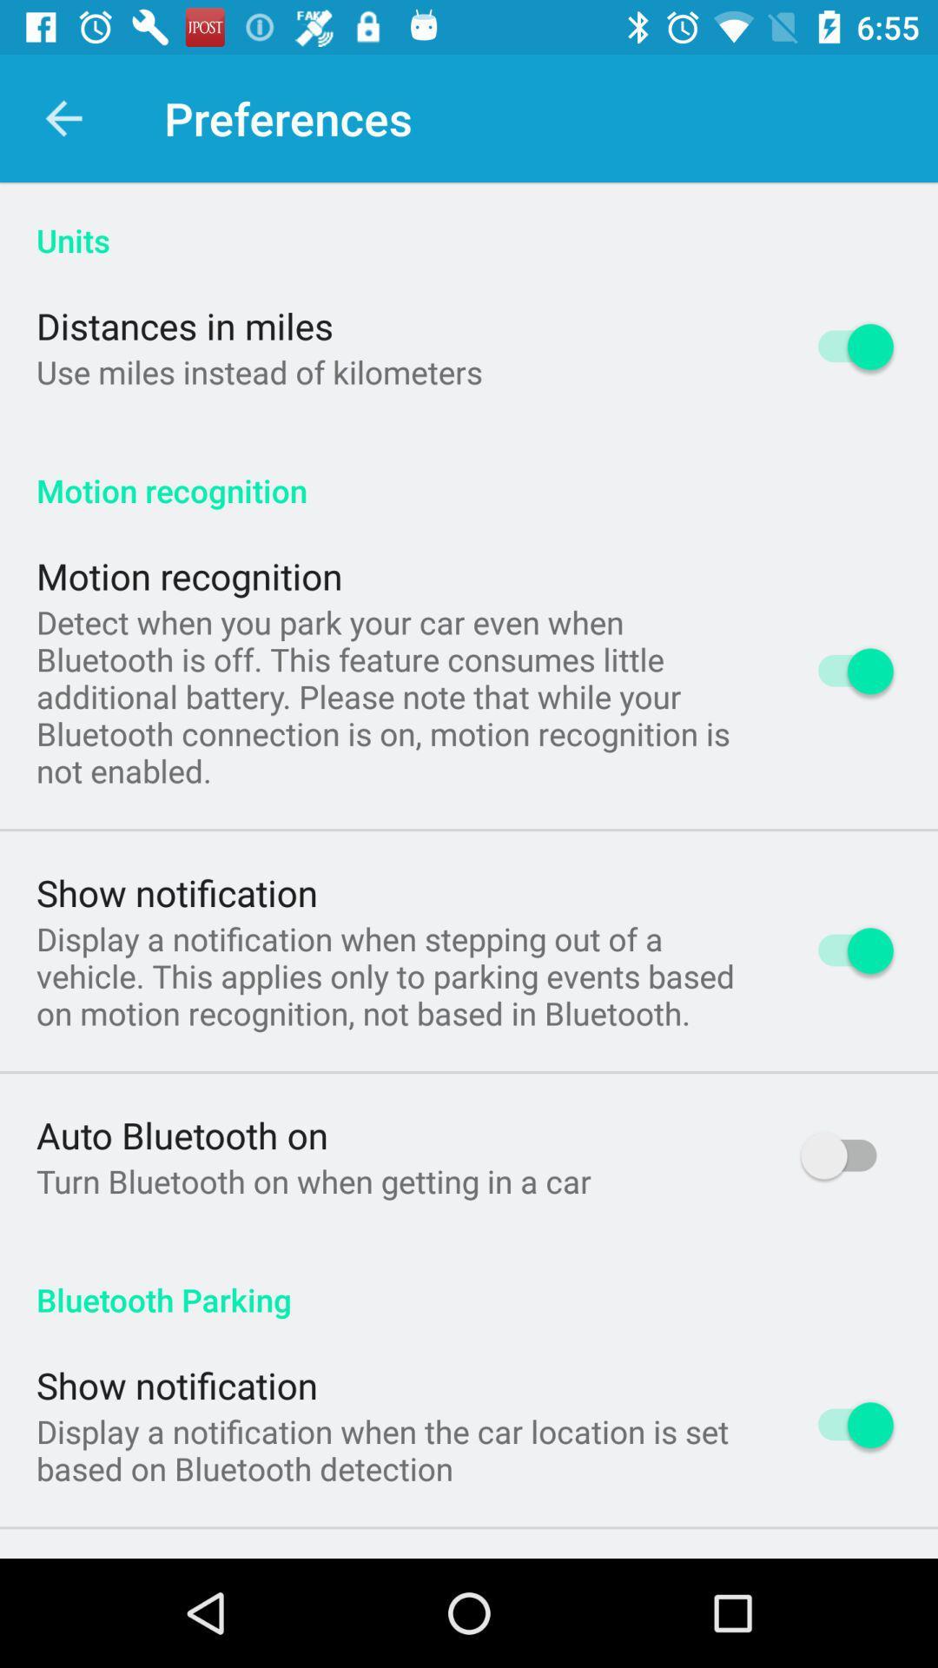 This screenshot has height=1668, width=938. What do you see at coordinates (63, 117) in the screenshot?
I see `the item next to preferences` at bounding box center [63, 117].